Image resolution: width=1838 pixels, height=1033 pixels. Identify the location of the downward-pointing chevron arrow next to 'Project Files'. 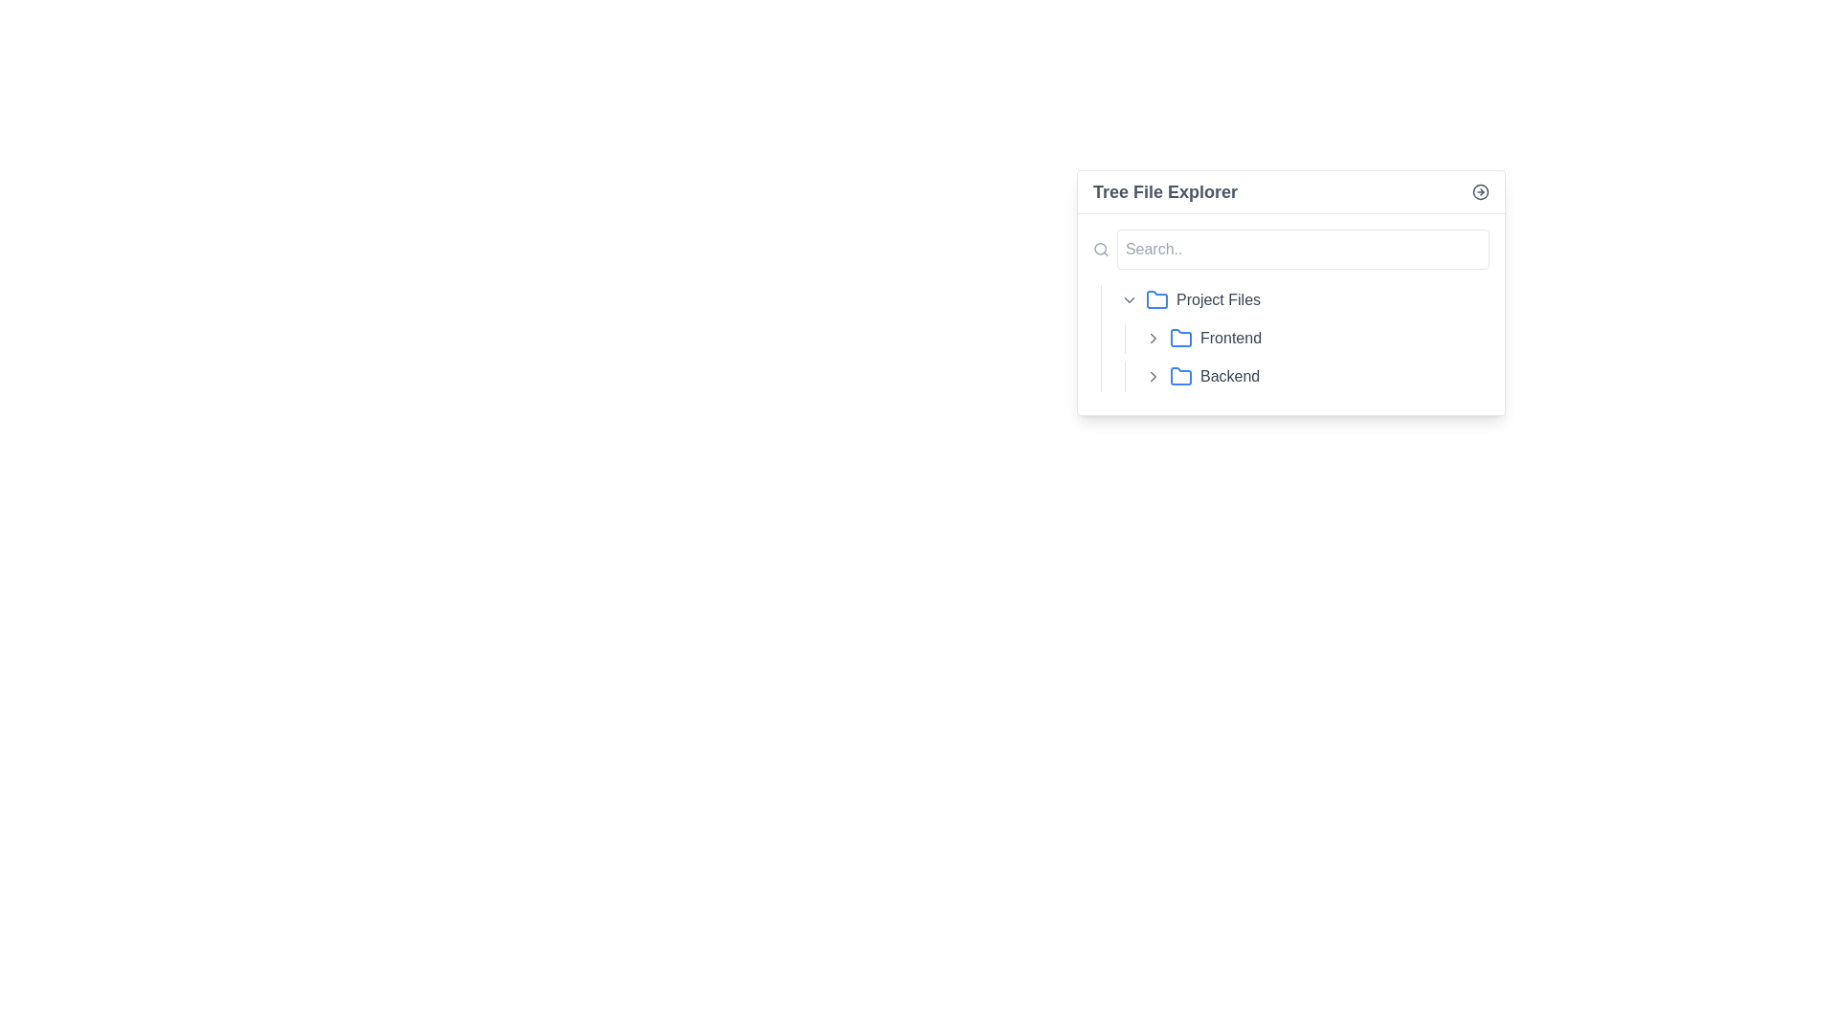
(1130, 299).